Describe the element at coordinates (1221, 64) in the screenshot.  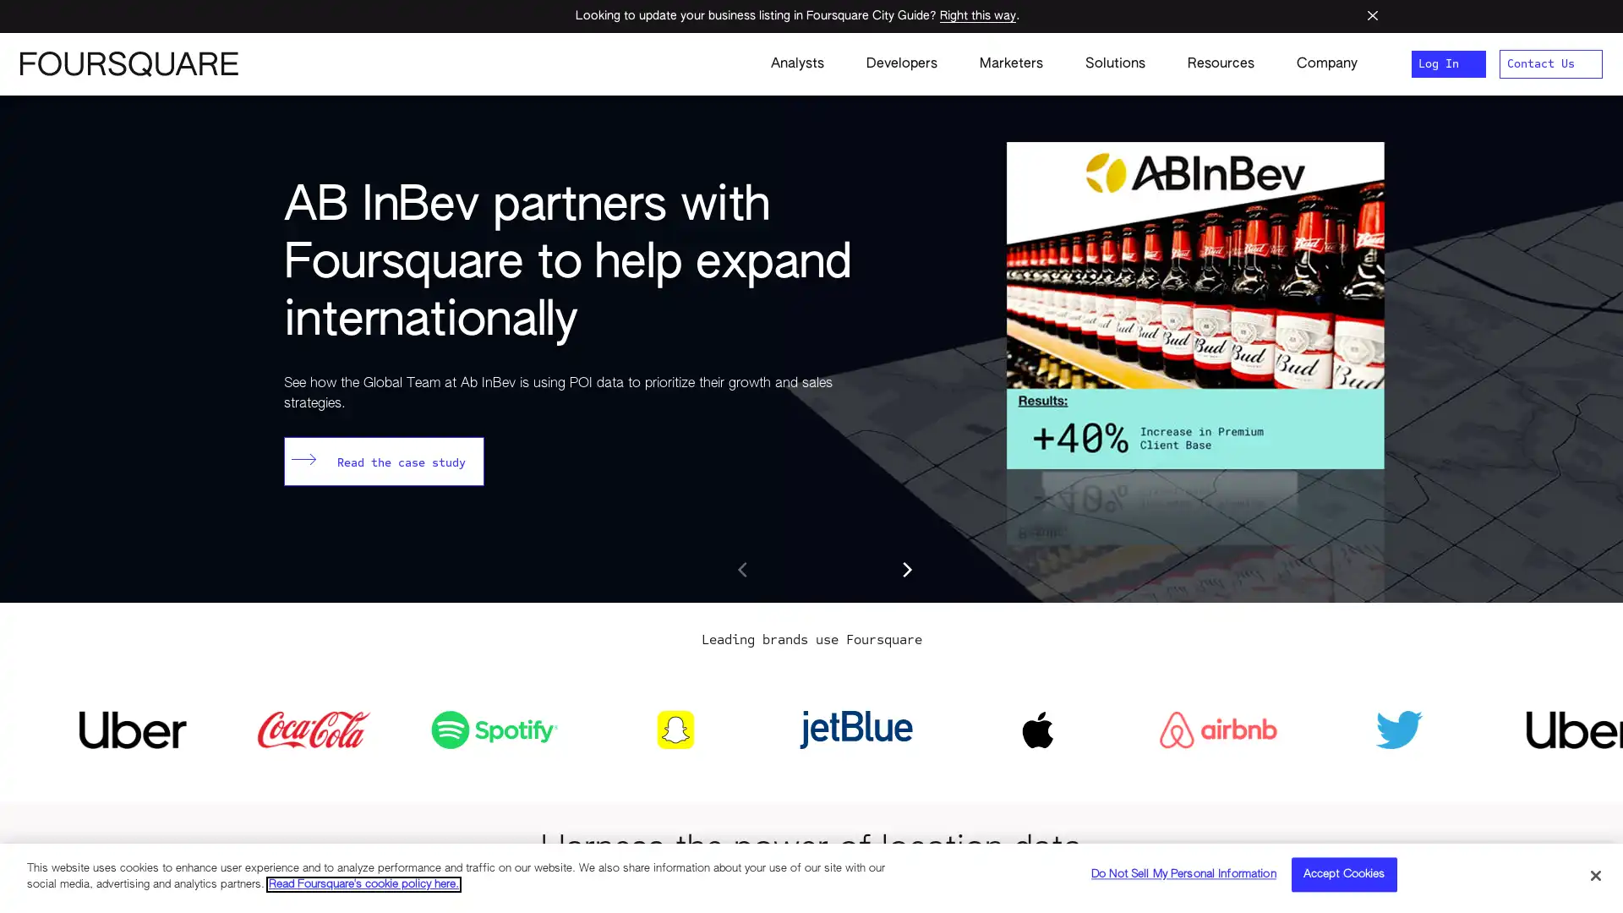
I see `Resources` at that location.